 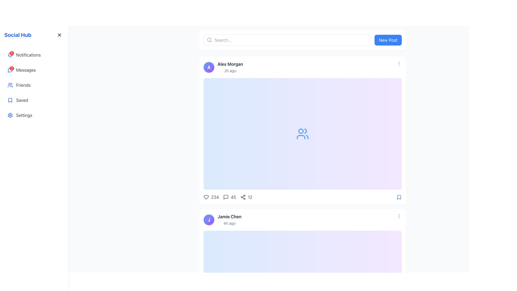 I want to click on the 'Settings' text label, which is styled in gray and is part of a clickable menu item in the left sidebar, so click(x=24, y=115).